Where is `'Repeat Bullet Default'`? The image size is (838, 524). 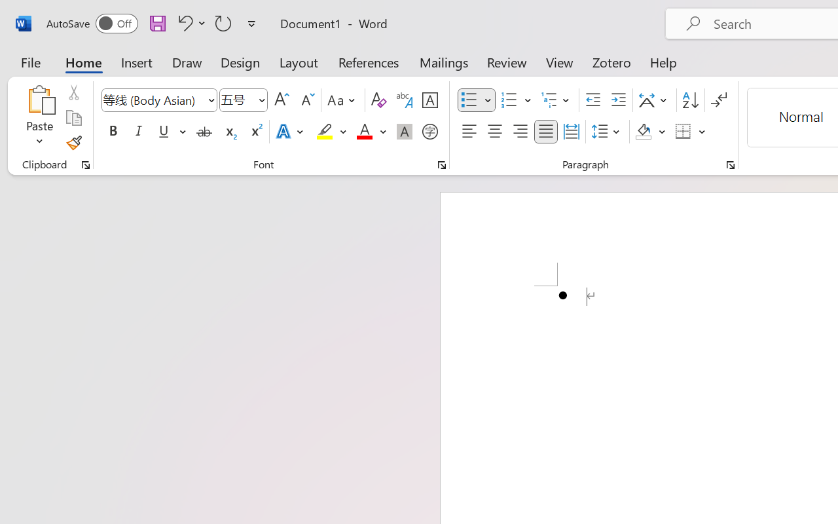 'Repeat Bullet Default' is located at coordinates (223, 22).